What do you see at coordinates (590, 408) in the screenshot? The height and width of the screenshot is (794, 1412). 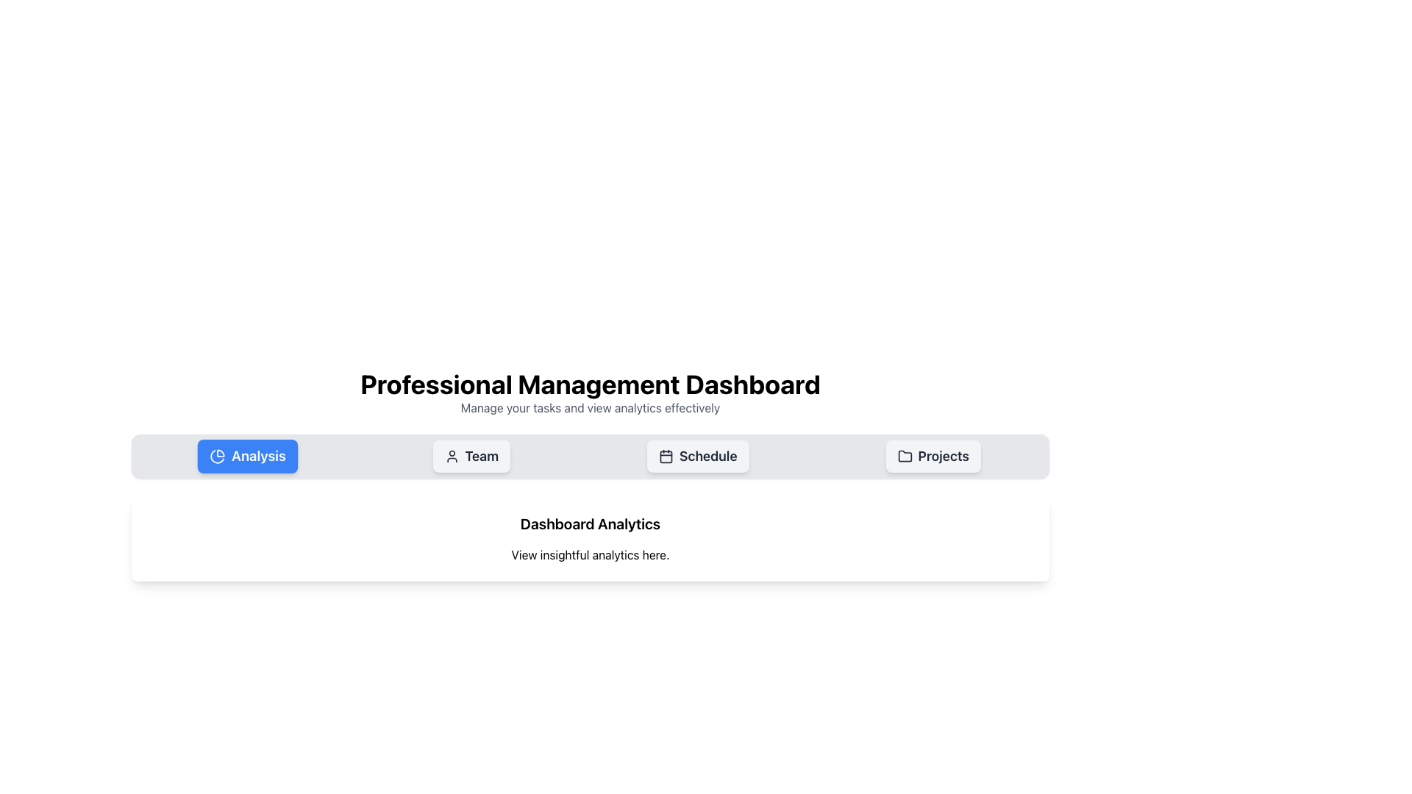 I see `the static text content displaying the phrase 'Manage your tasks and view analytics effectively,' which is located directly below the header 'Professional Management Dashboard' and centered in the layout` at bounding box center [590, 408].